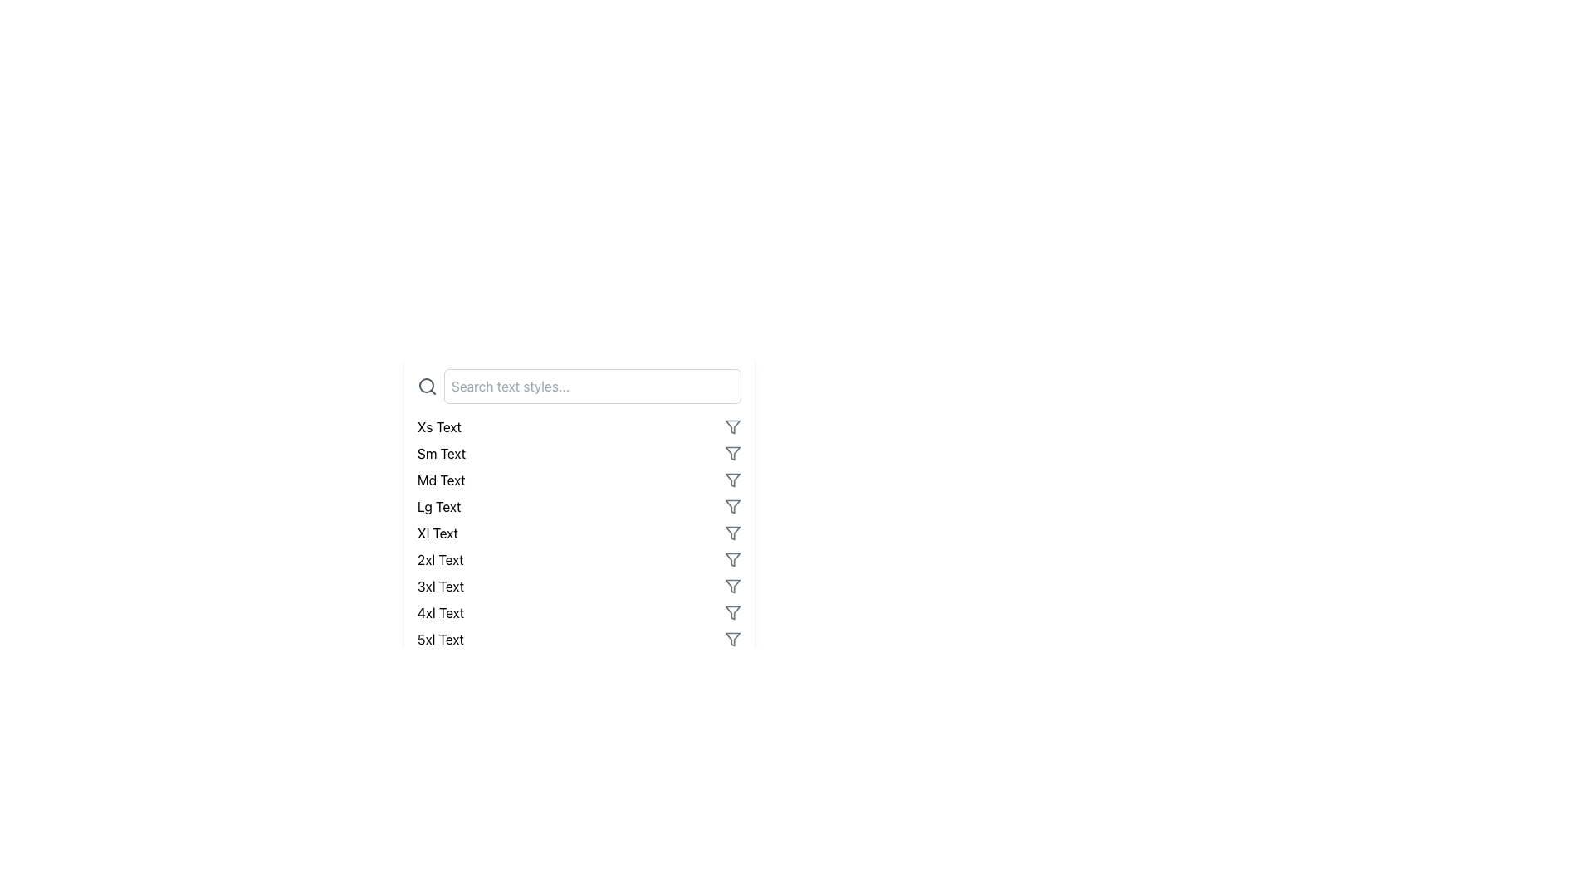 The height and width of the screenshot is (896, 1594). I want to click on the text label positioned at the bottom of the vertical list of text styles, which serves to help users identify or choose textual options, so click(440, 639).